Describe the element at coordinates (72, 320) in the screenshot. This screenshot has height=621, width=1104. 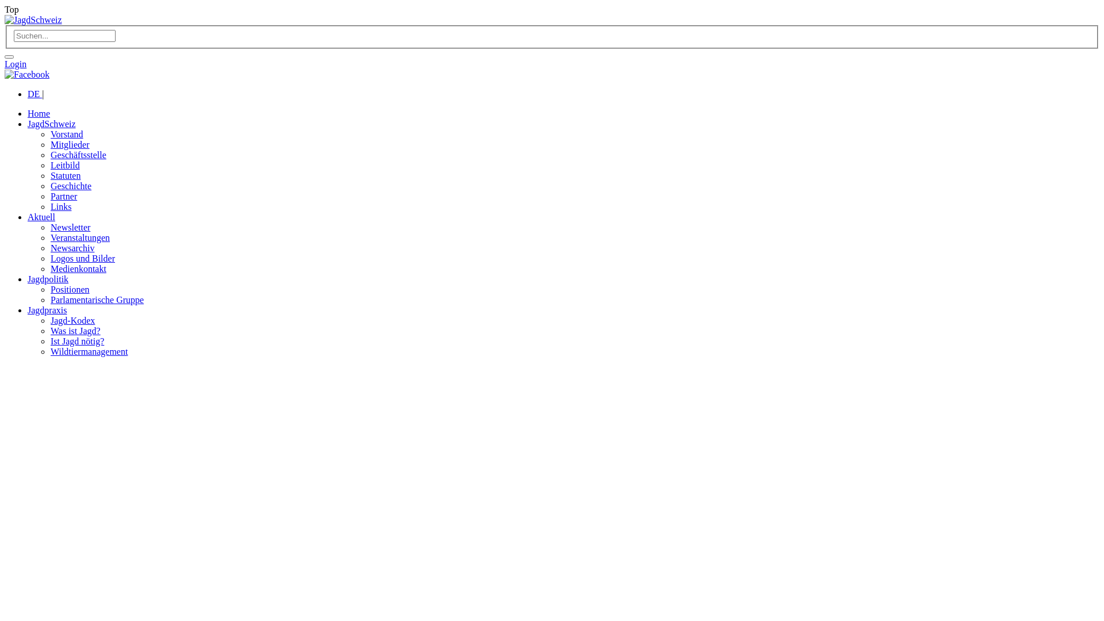
I see `'Jagd-Kodex'` at that location.